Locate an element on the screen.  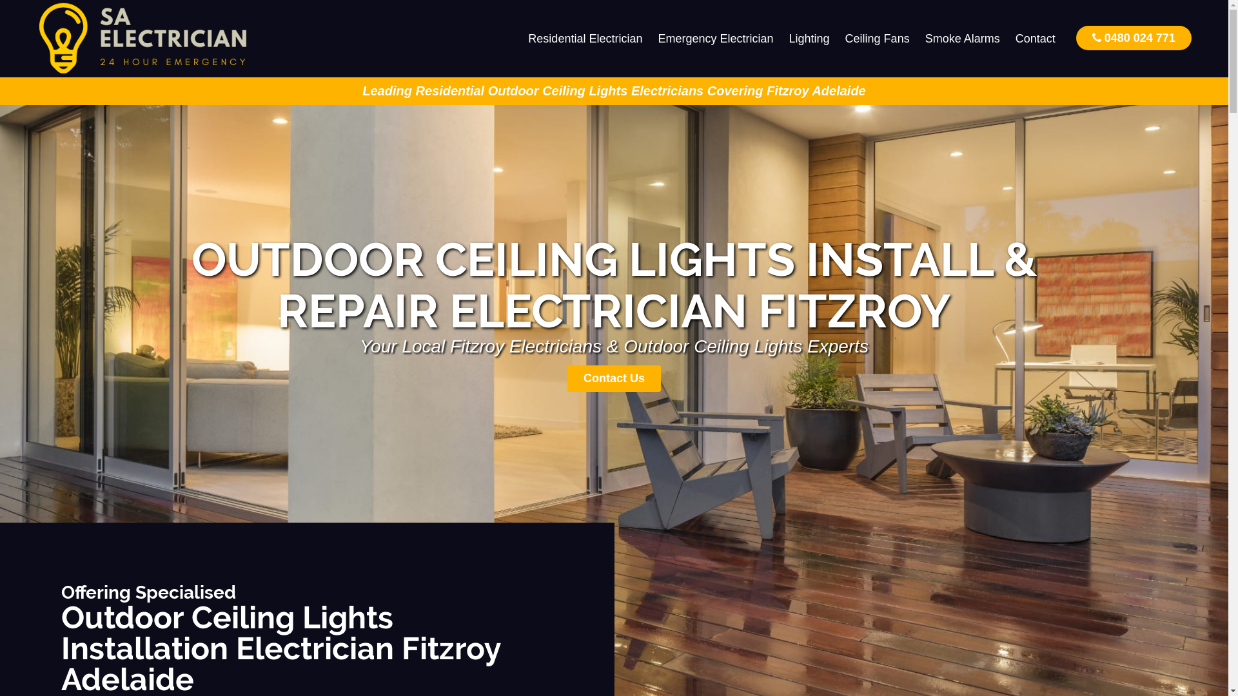
'Lighting' is located at coordinates (809, 38).